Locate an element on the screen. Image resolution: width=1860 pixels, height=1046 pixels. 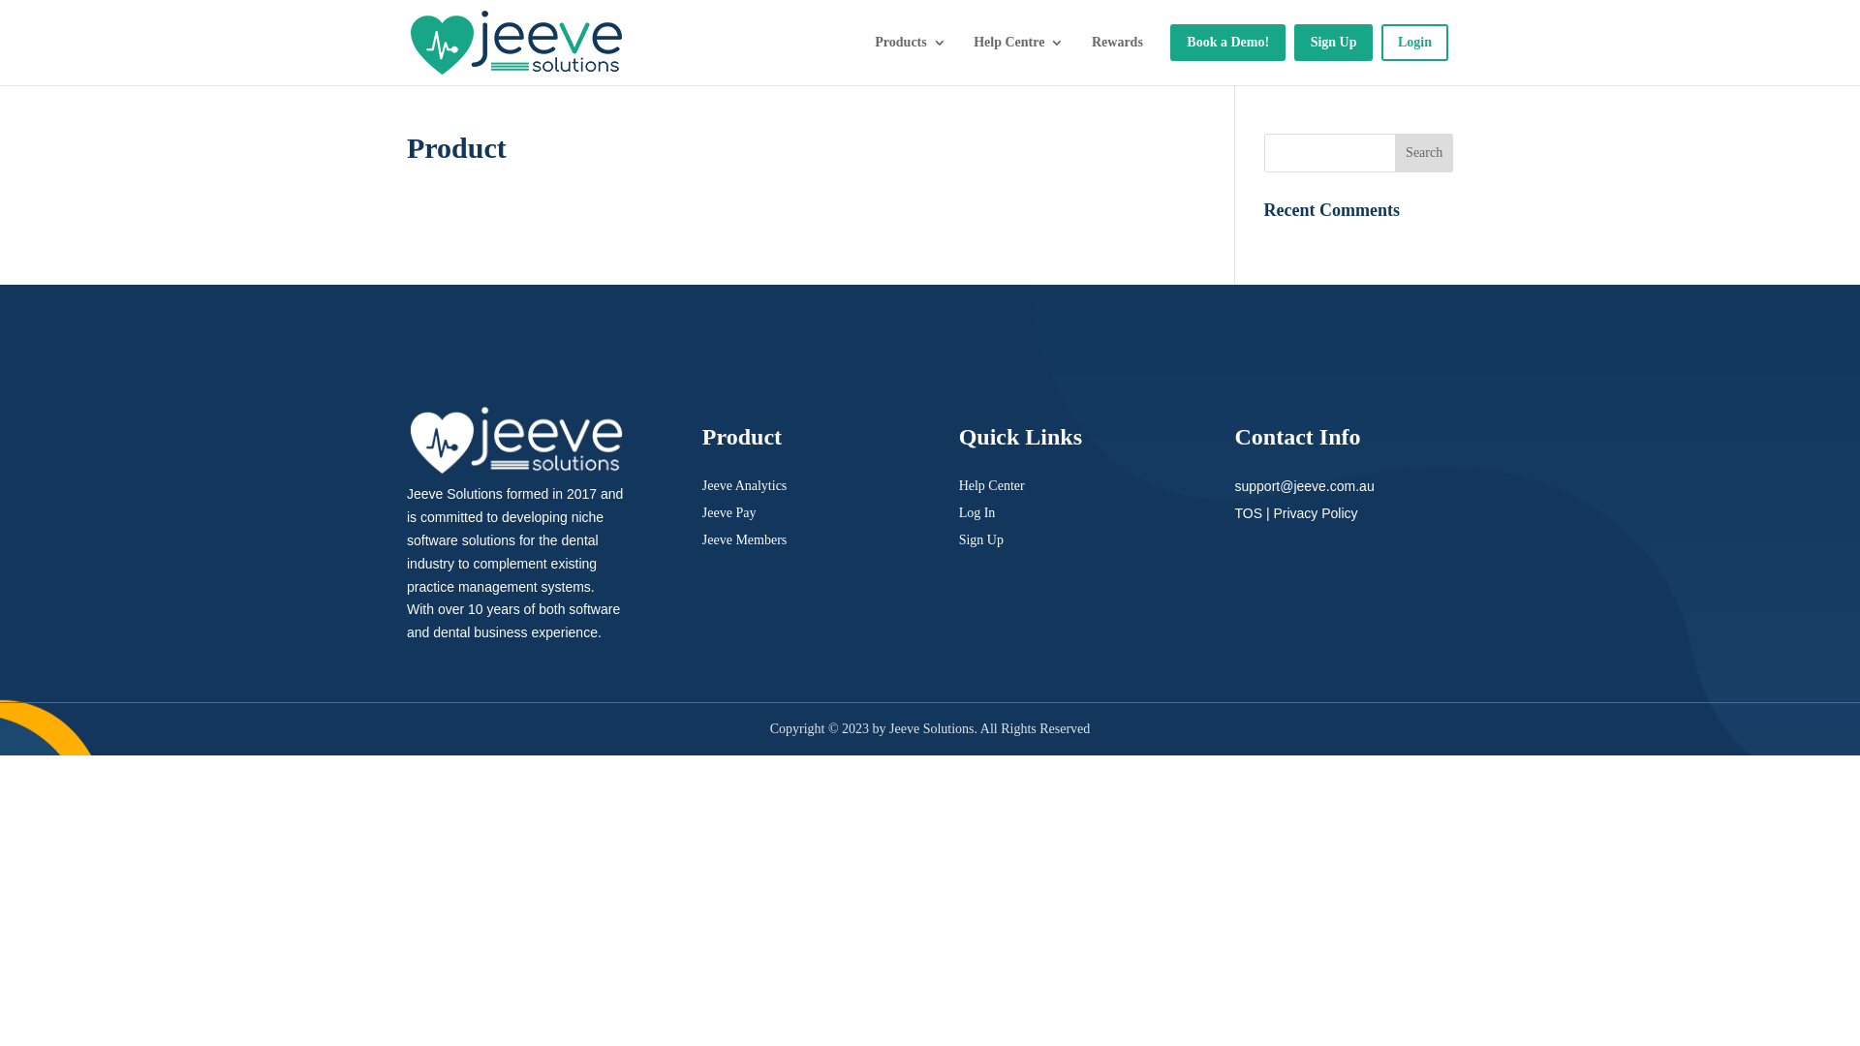
'Jeeve Analytics' is located at coordinates (743, 484).